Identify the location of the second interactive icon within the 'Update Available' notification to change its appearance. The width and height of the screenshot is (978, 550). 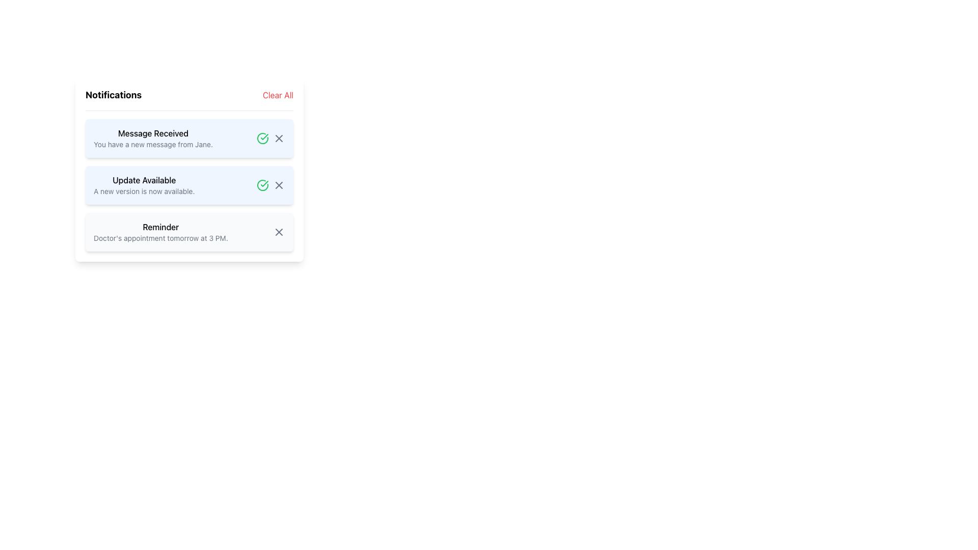
(279, 185).